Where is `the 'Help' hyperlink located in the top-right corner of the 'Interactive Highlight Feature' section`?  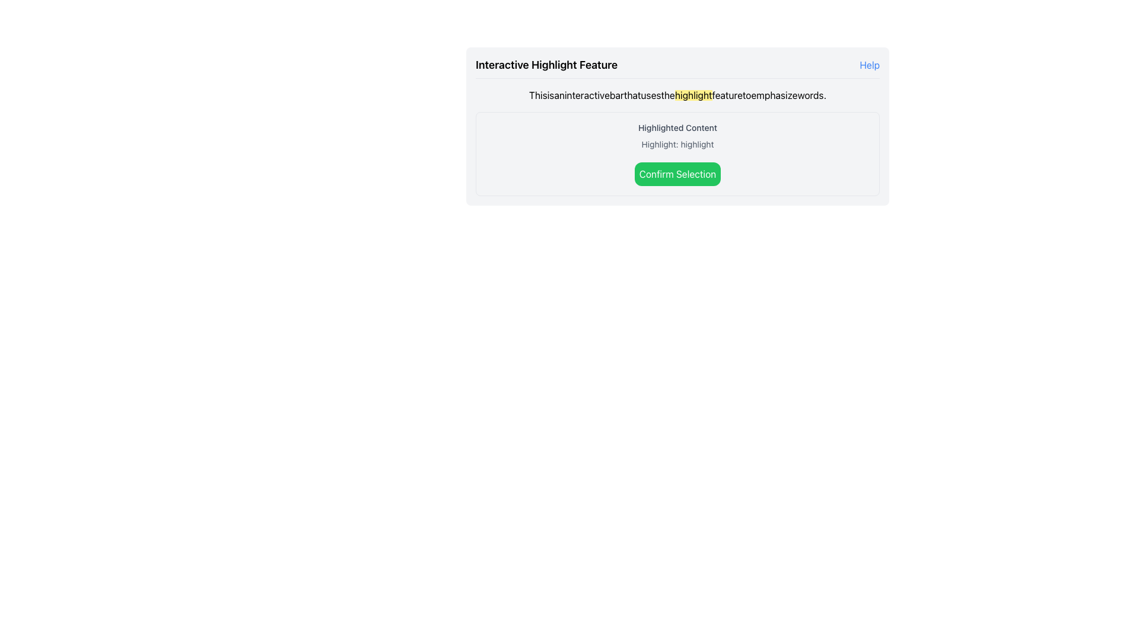
the 'Help' hyperlink located in the top-right corner of the 'Interactive Highlight Feature' section is located at coordinates (869, 65).